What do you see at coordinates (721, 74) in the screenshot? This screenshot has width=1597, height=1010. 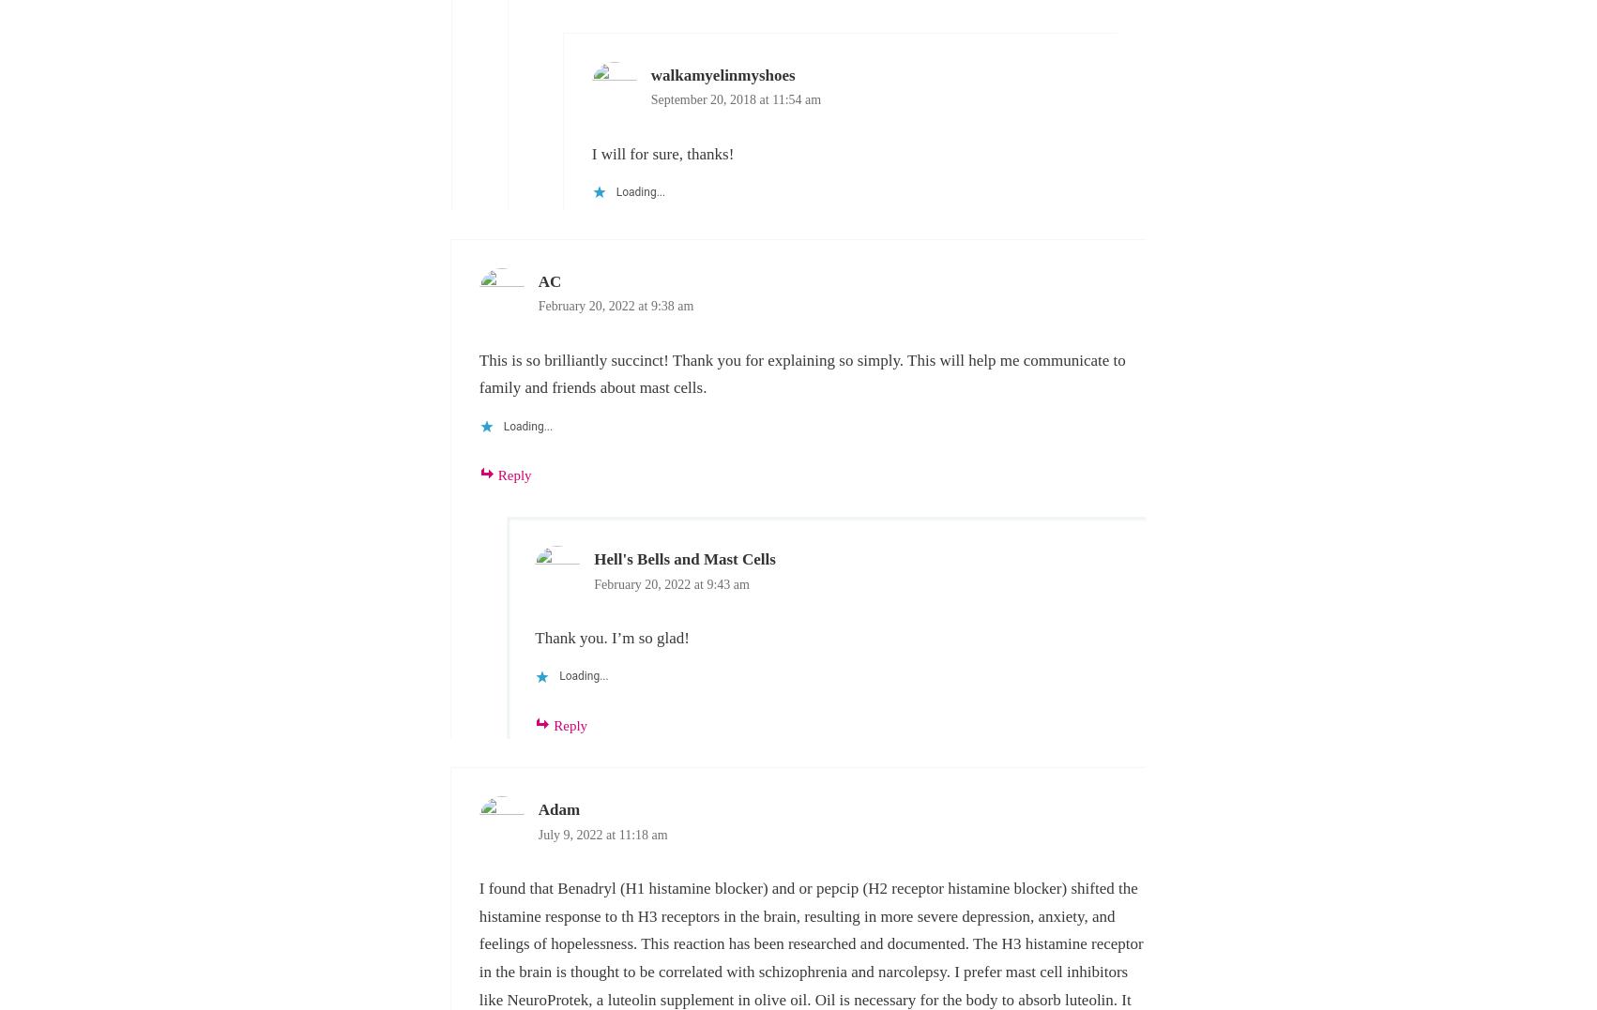 I see `'walkamyelinmyshoes'` at bounding box center [721, 74].